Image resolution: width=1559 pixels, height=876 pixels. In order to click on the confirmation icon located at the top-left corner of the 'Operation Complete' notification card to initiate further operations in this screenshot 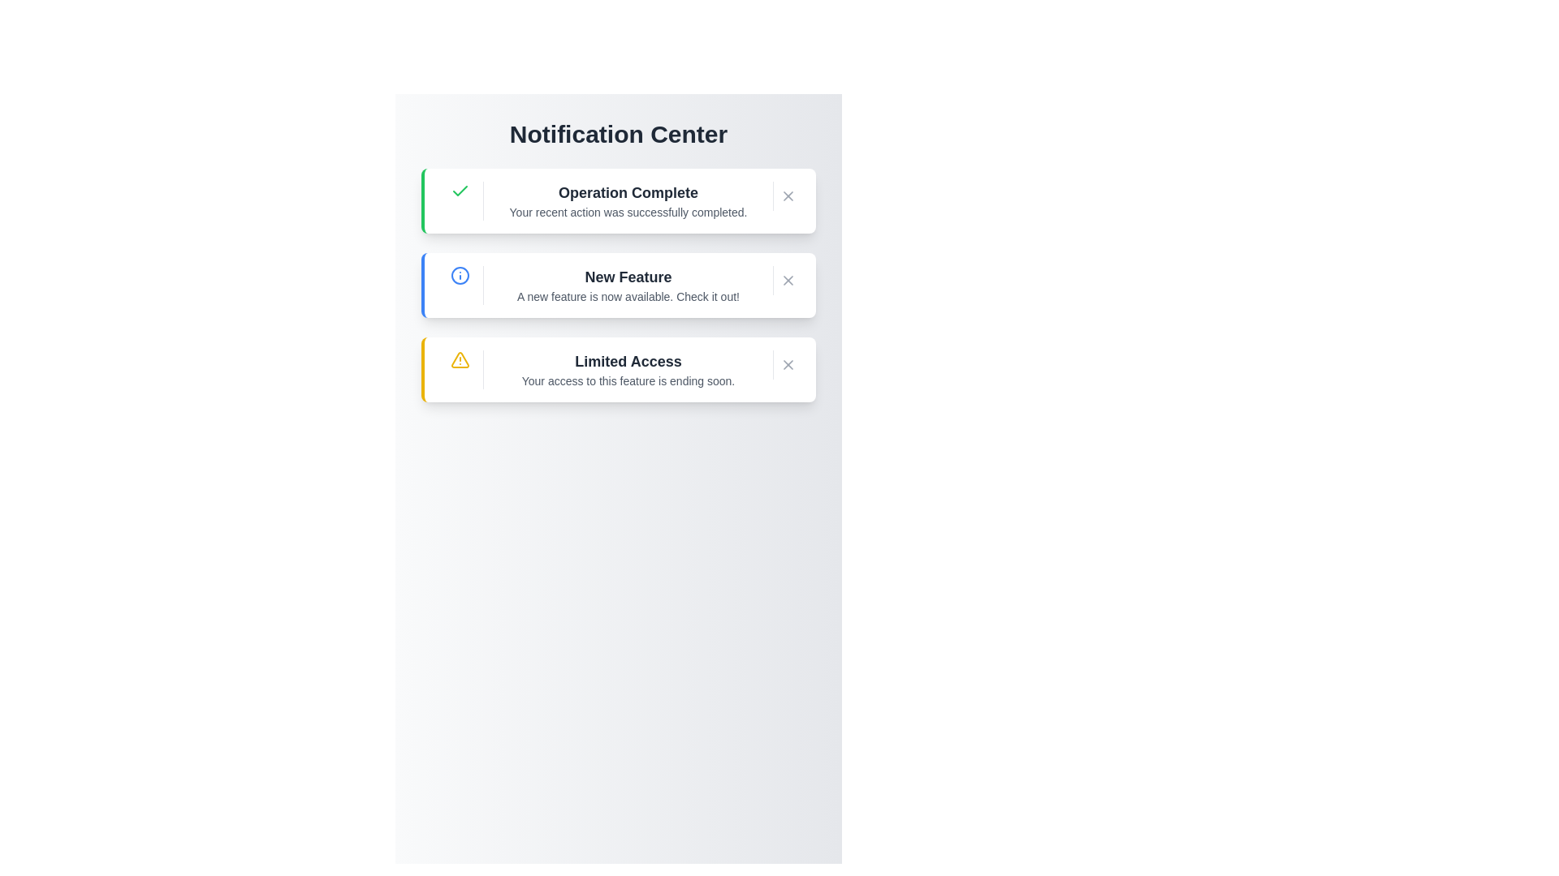, I will do `click(459, 190)`.